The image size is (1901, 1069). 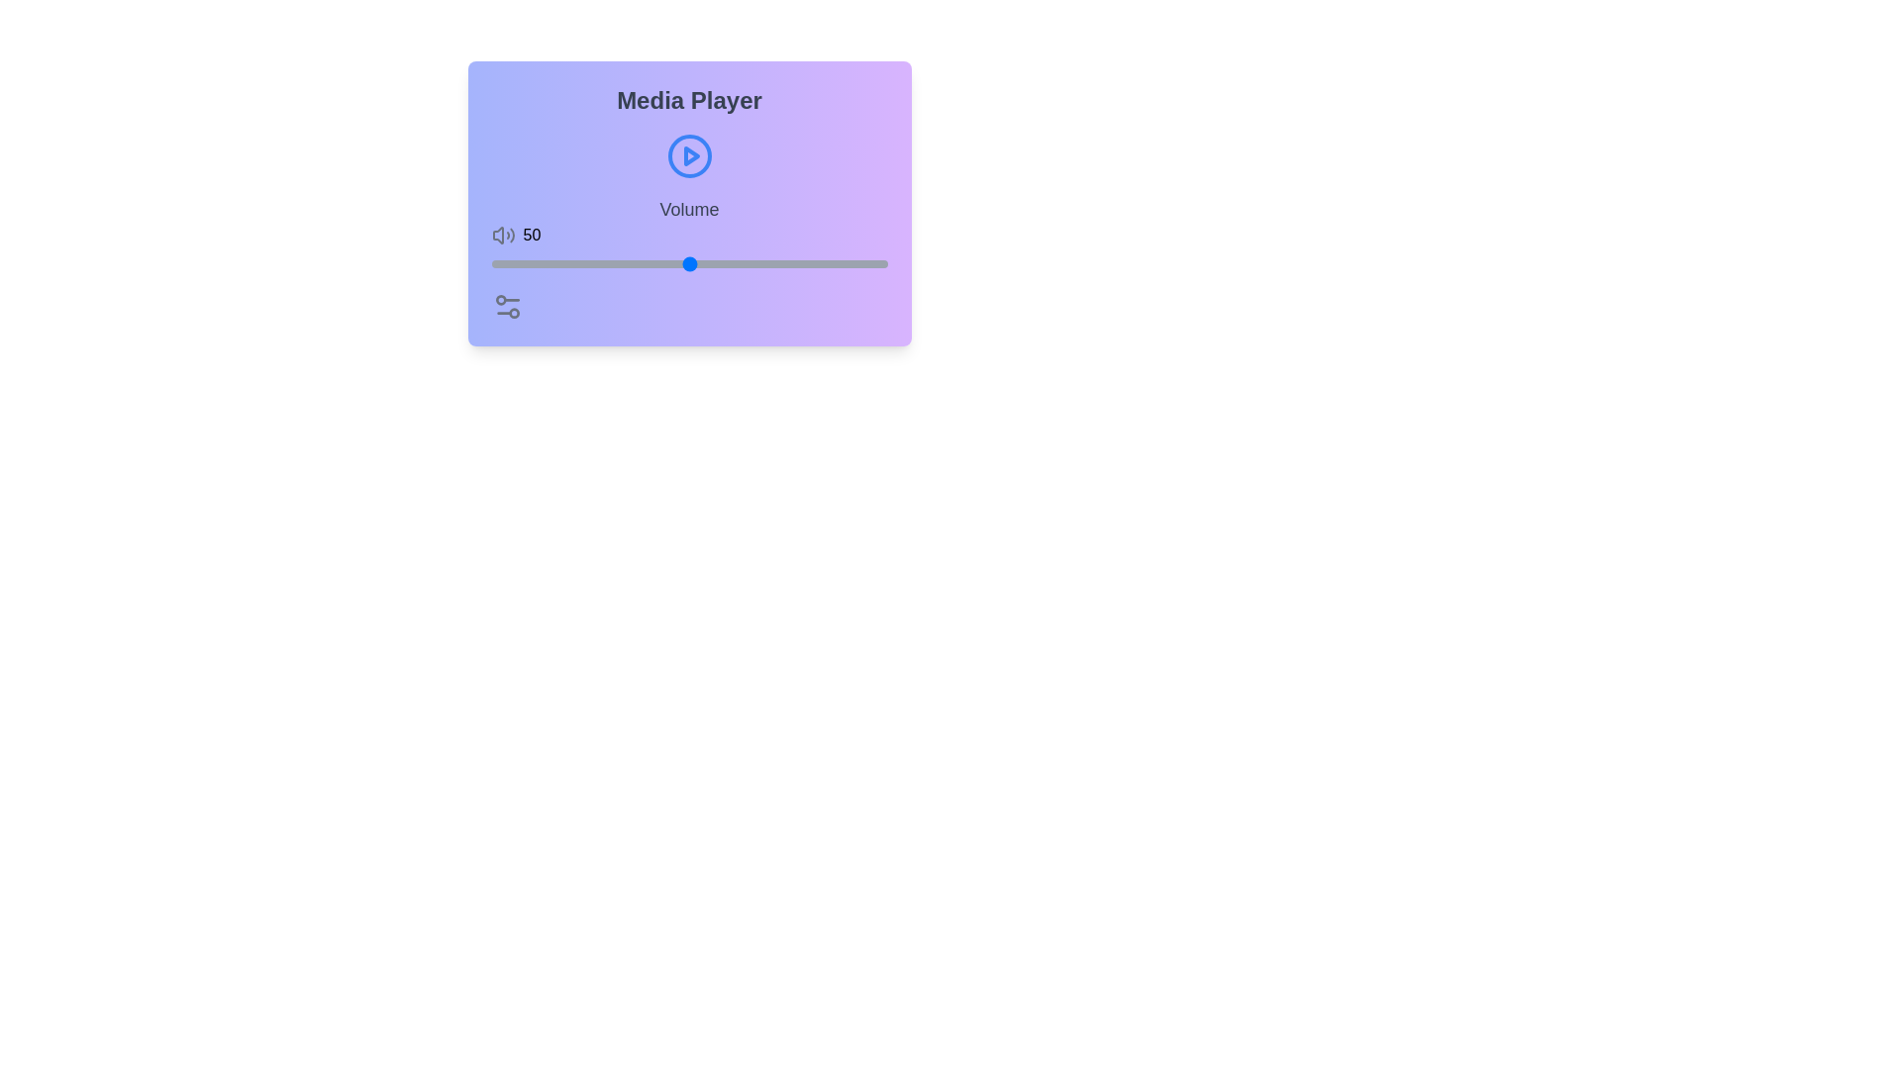 I want to click on the volume level, so click(x=597, y=262).